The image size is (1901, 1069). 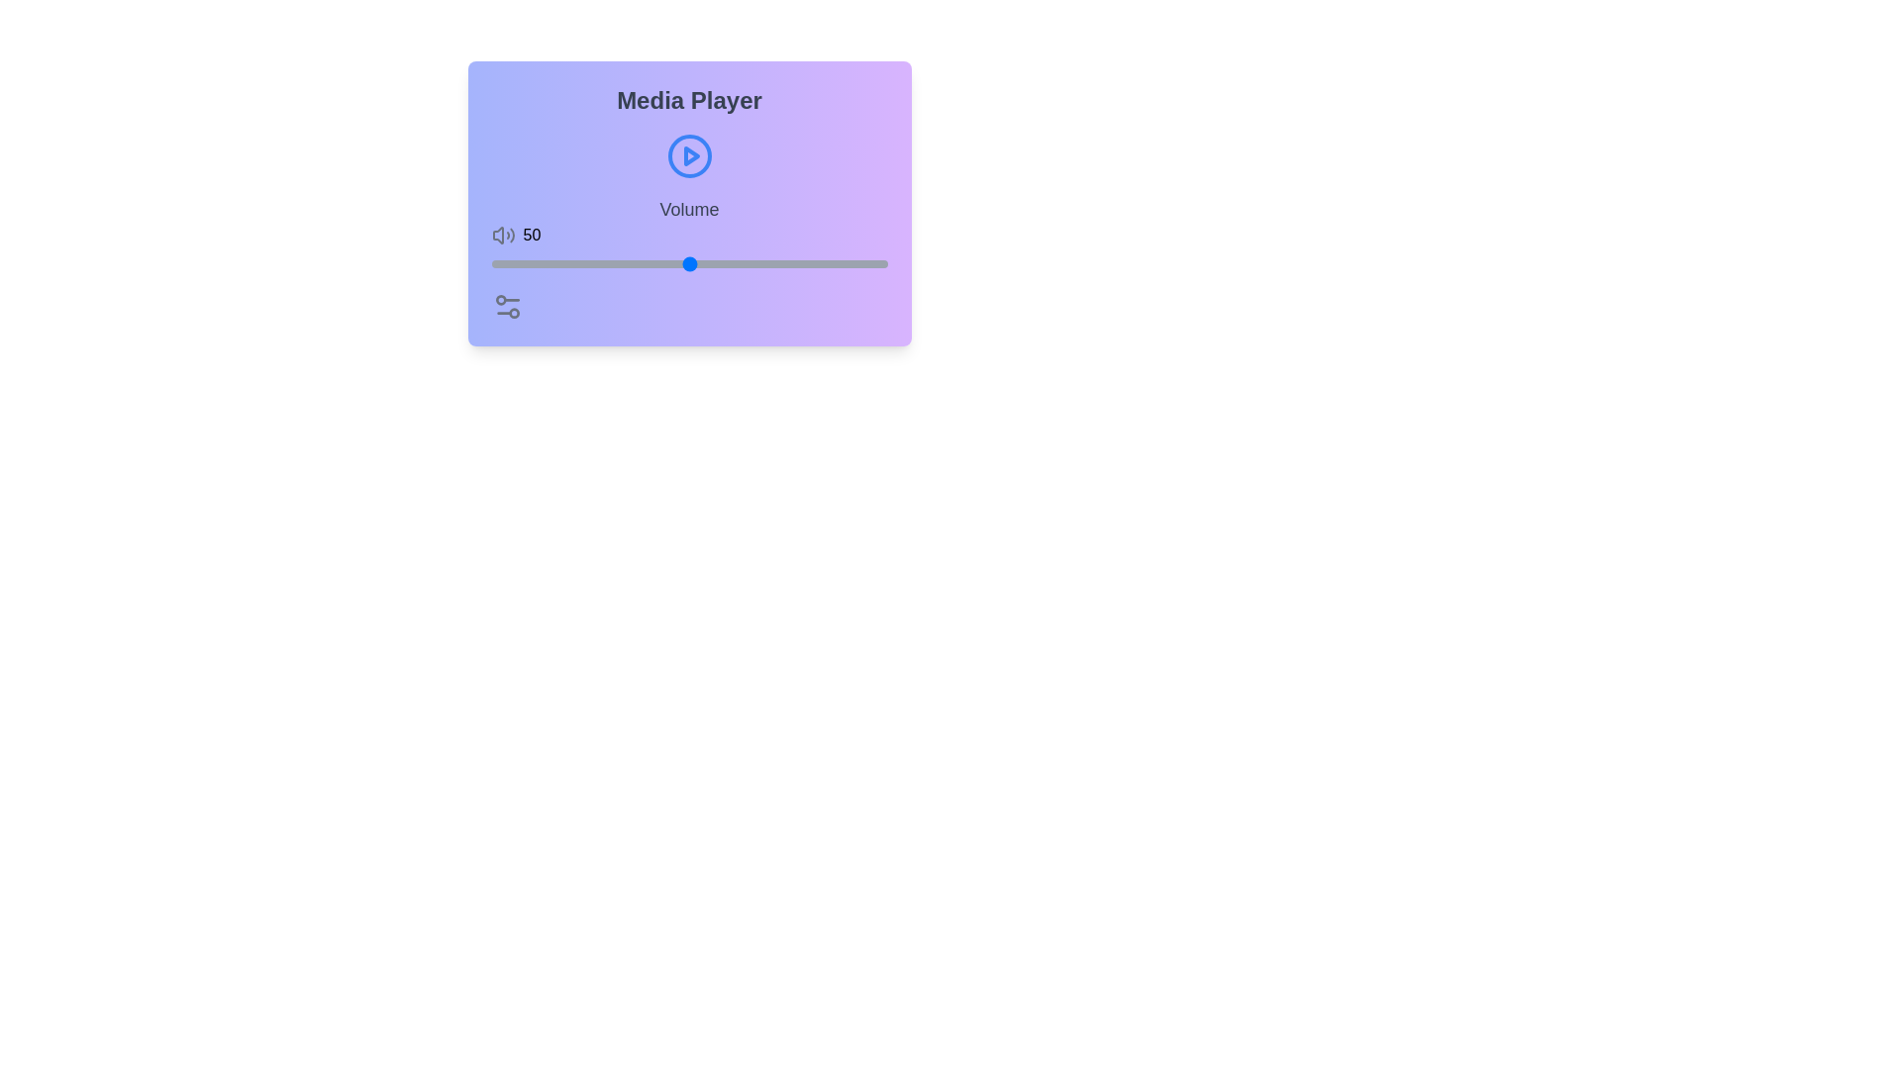 I want to click on the volume level, so click(x=597, y=262).